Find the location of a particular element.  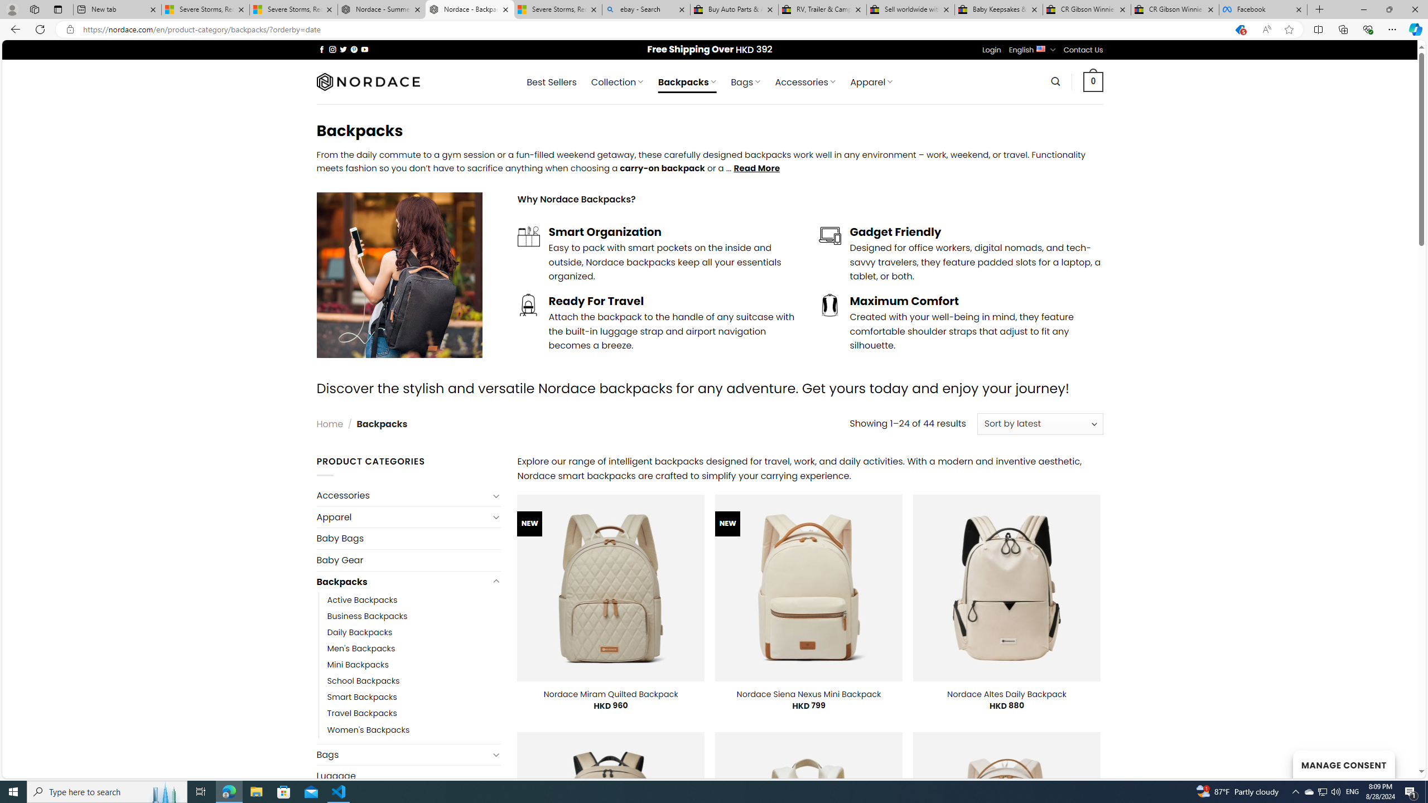

'Luggage' is located at coordinates (408, 775).